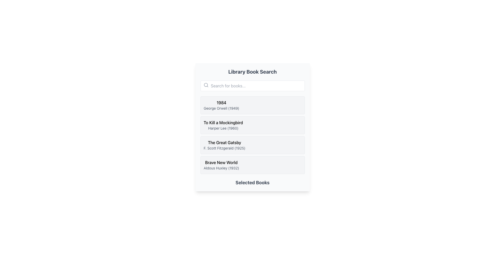 This screenshot has height=276, width=491. I want to click on the text displaying the book title 'The Great Gatsby', located in the third box of the vertical list of items, above the subtitle 'F. Scott Fitzgerald (1925)', so click(225, 143).